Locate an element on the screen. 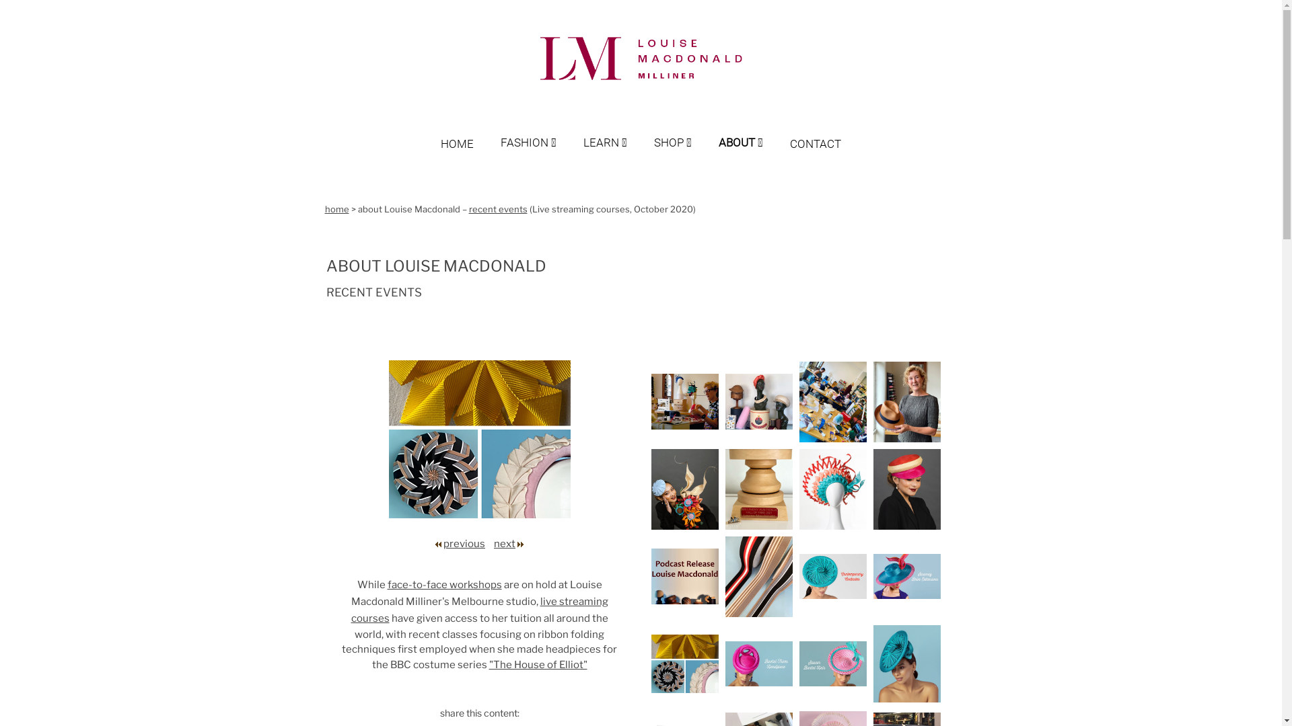  'next' is located at coordinates (503, 543).